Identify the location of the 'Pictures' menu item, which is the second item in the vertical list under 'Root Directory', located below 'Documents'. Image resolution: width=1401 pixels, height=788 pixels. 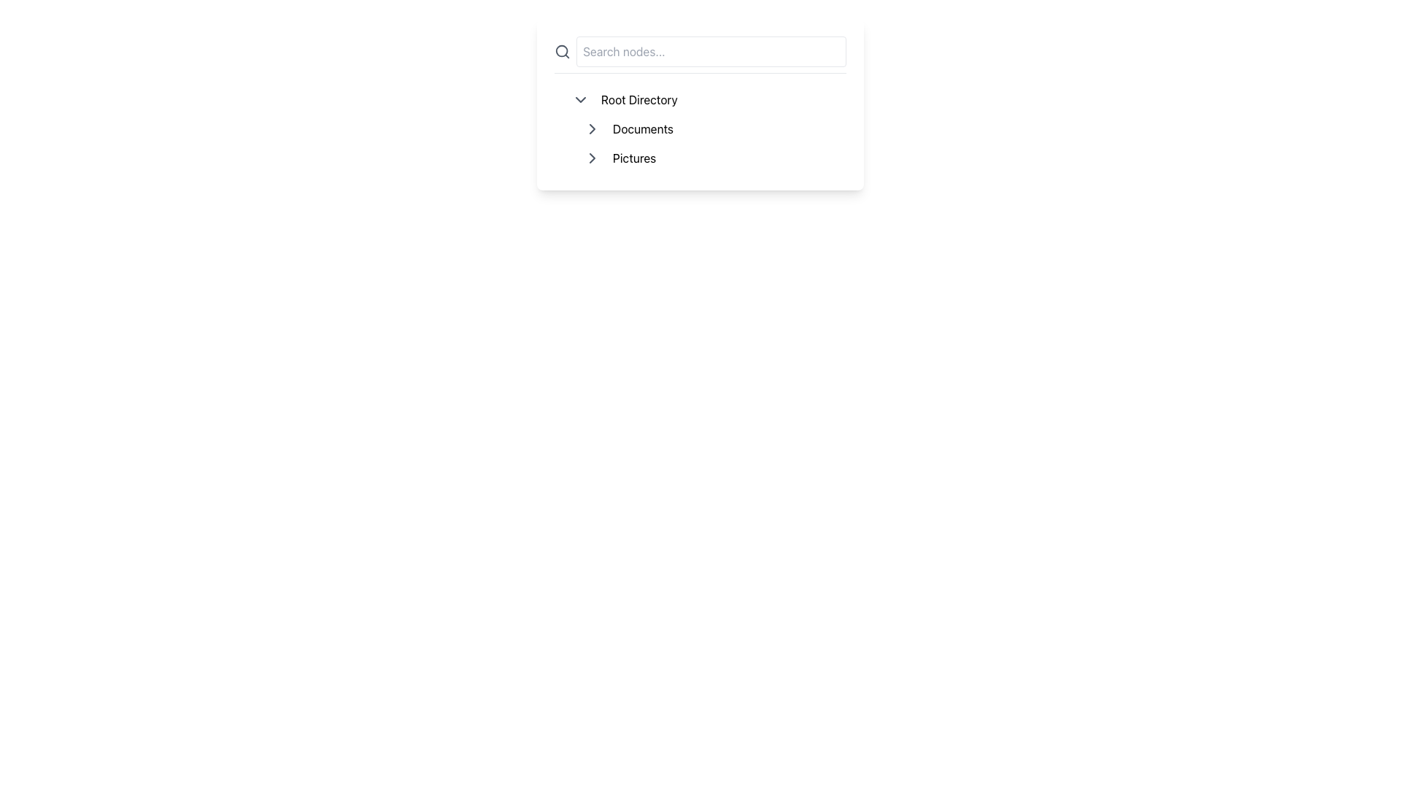
(706, 158).